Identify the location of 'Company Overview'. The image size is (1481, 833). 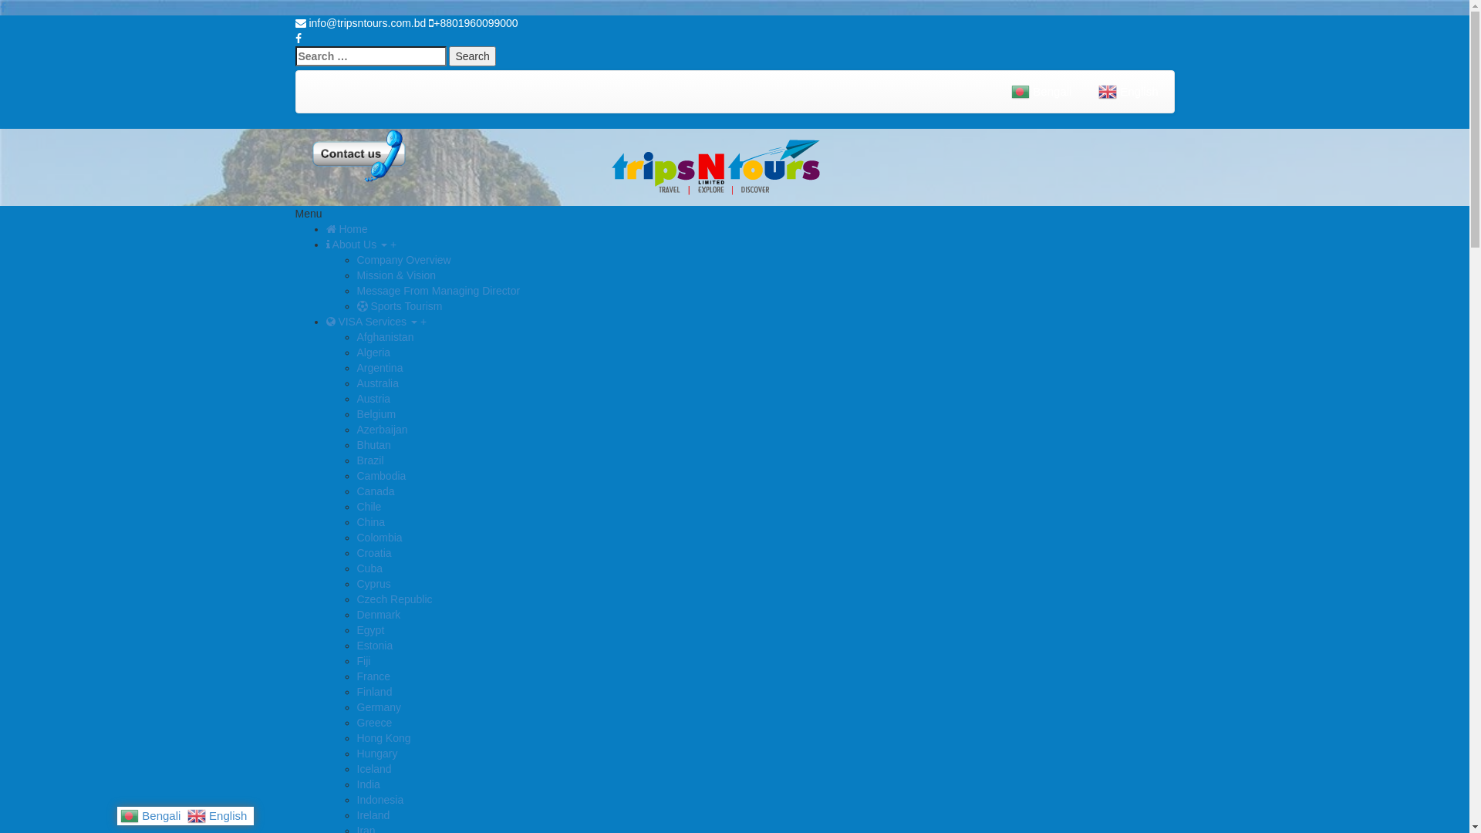
(403, 258).